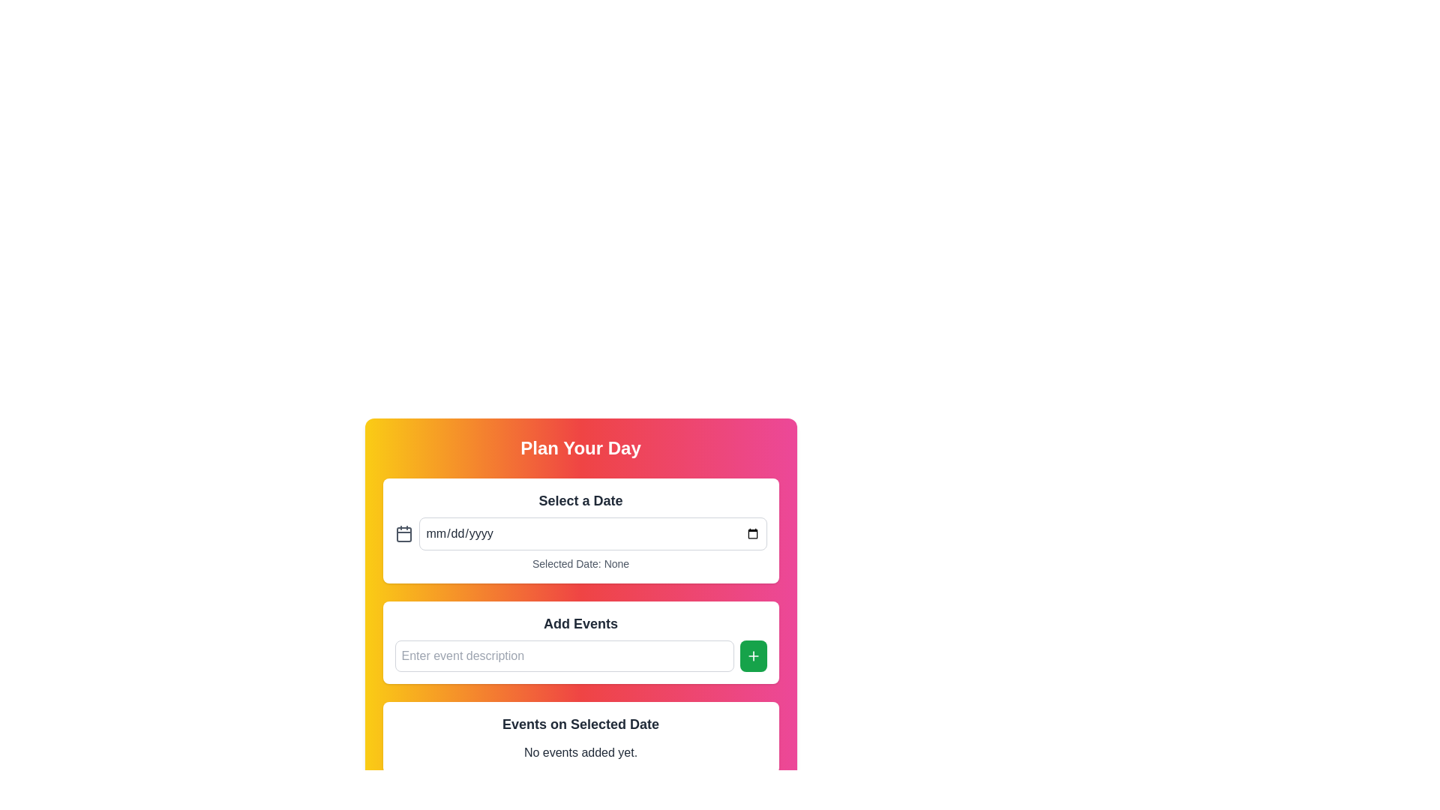 Image resolution: width=1440 pixels, height=810 pixels. I want to click on the static text label that reads 'Select a Date', which is prominently displayed at the top of the panel, so click(580, 500).